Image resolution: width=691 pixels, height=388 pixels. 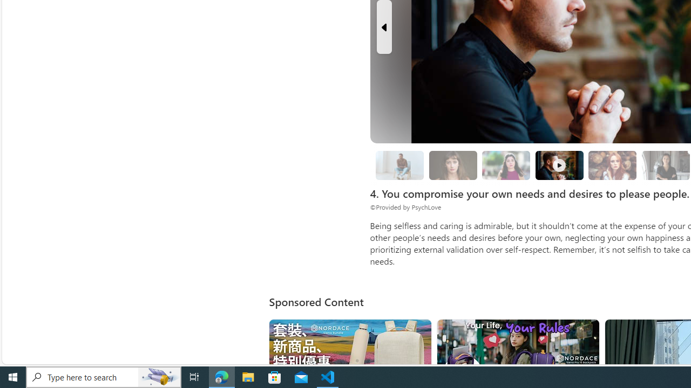 I want to click on 'Previous Slide', so click(x=384, y=26).